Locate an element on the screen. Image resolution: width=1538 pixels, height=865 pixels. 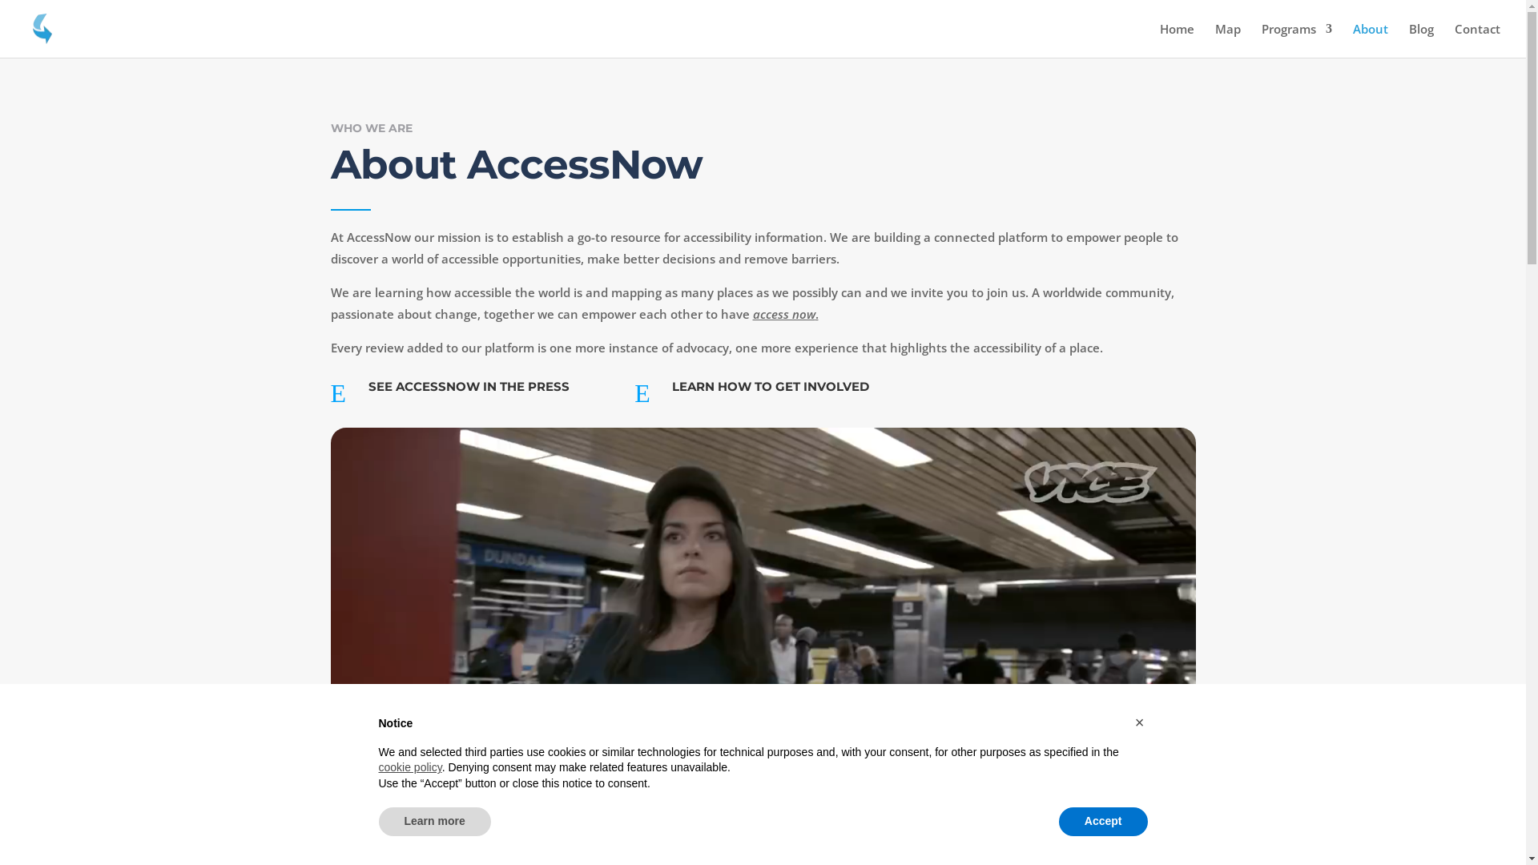
'Programs' is located at coordinates (1260, 39).